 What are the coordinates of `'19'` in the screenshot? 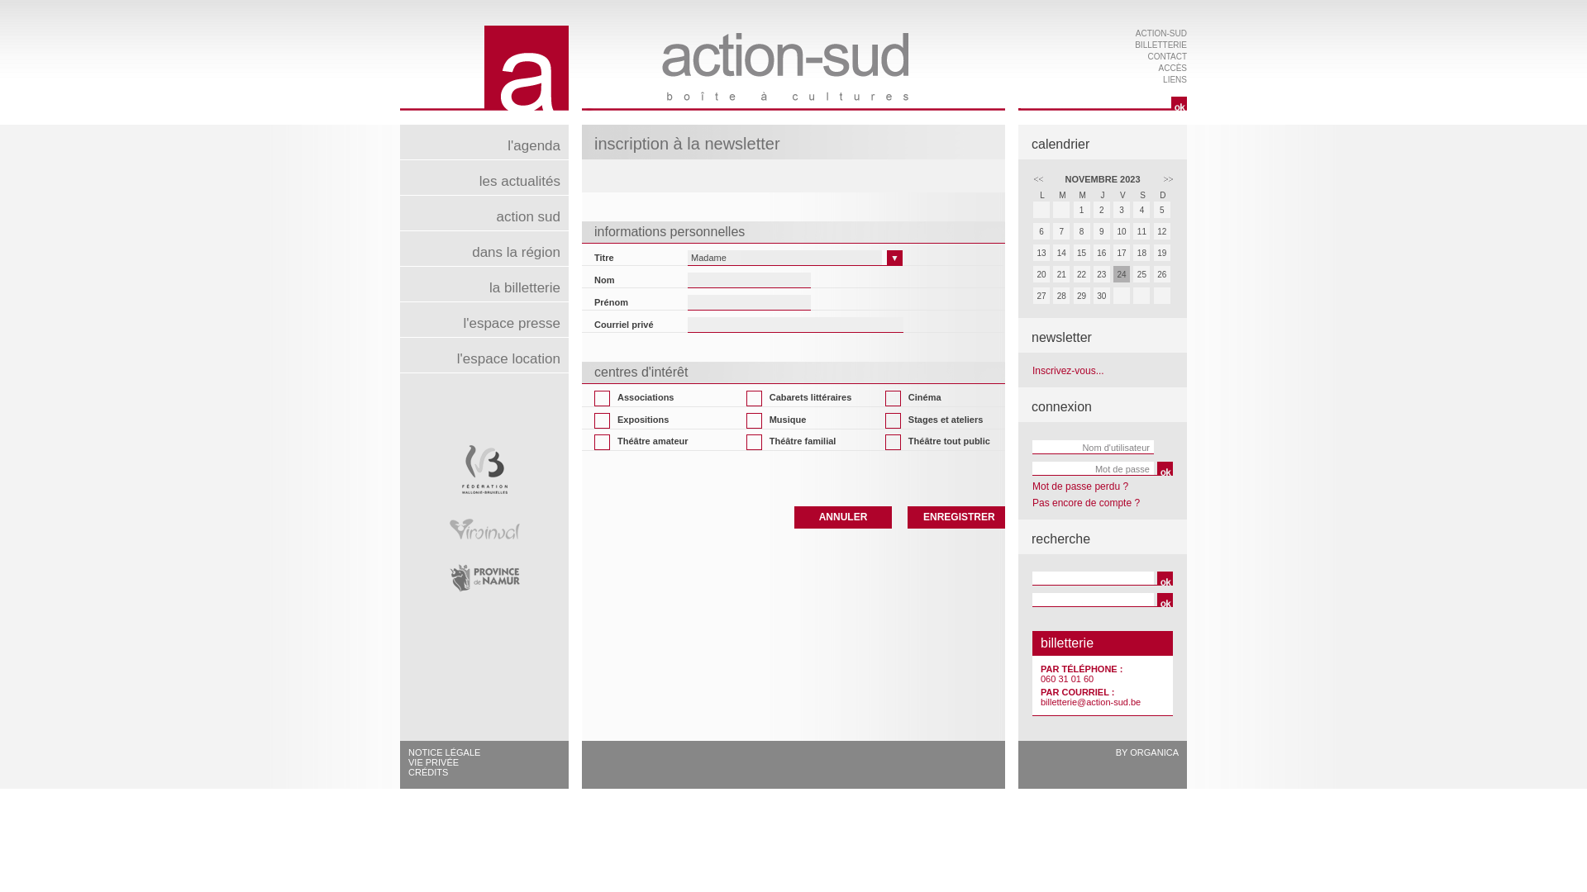 It's located at (1161, 254).